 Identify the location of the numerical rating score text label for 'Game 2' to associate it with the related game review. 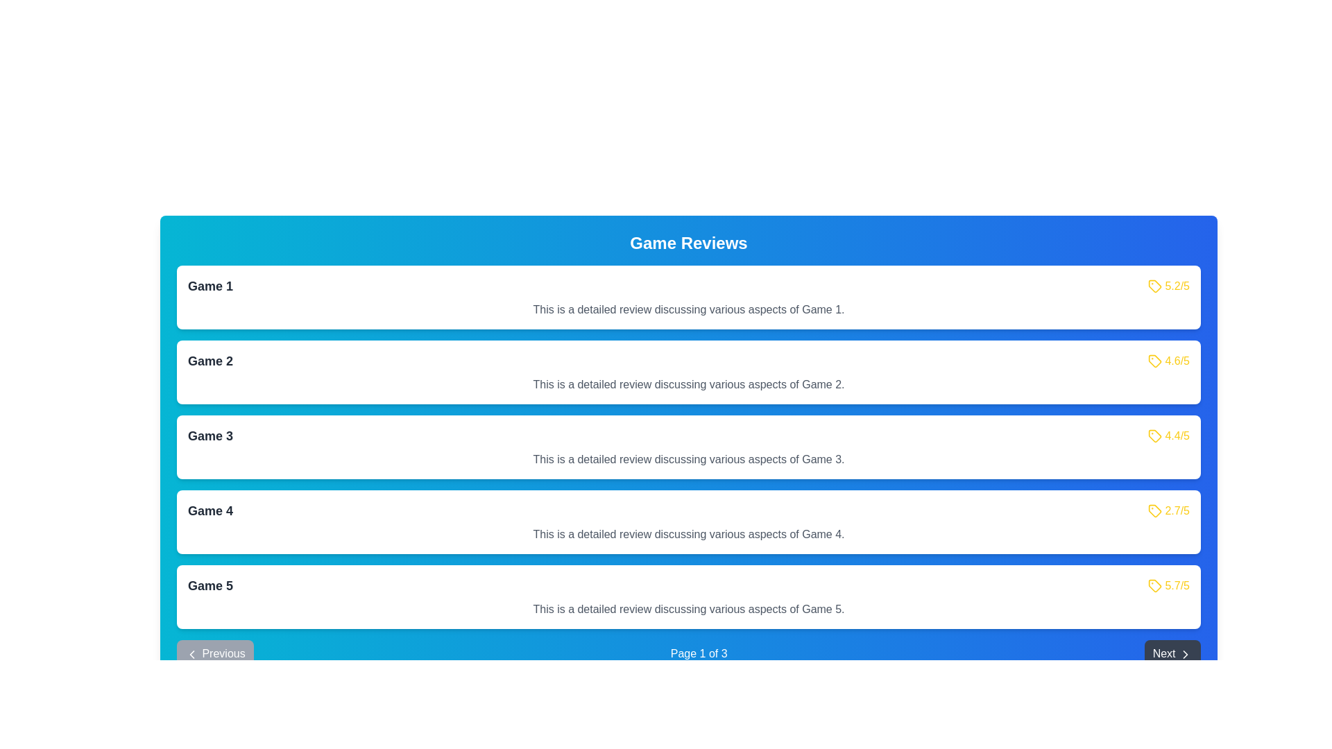
(1177, 360).